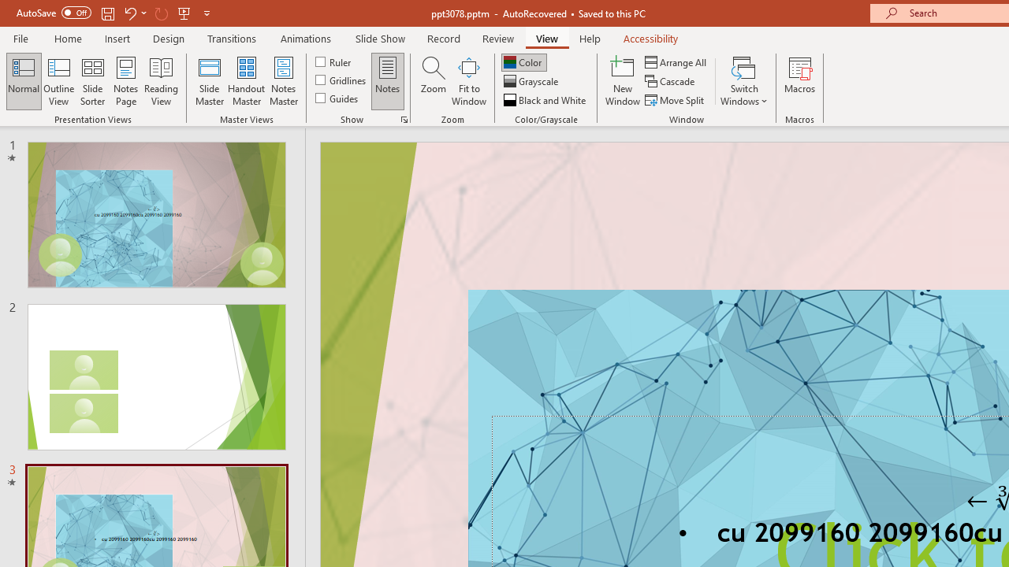 The height and width of the screenshot is (567, 1009). What do you see at coordinates (341, 80) in the screenshot?
I see `'Gridlines'` at bounding box center [341, 80].